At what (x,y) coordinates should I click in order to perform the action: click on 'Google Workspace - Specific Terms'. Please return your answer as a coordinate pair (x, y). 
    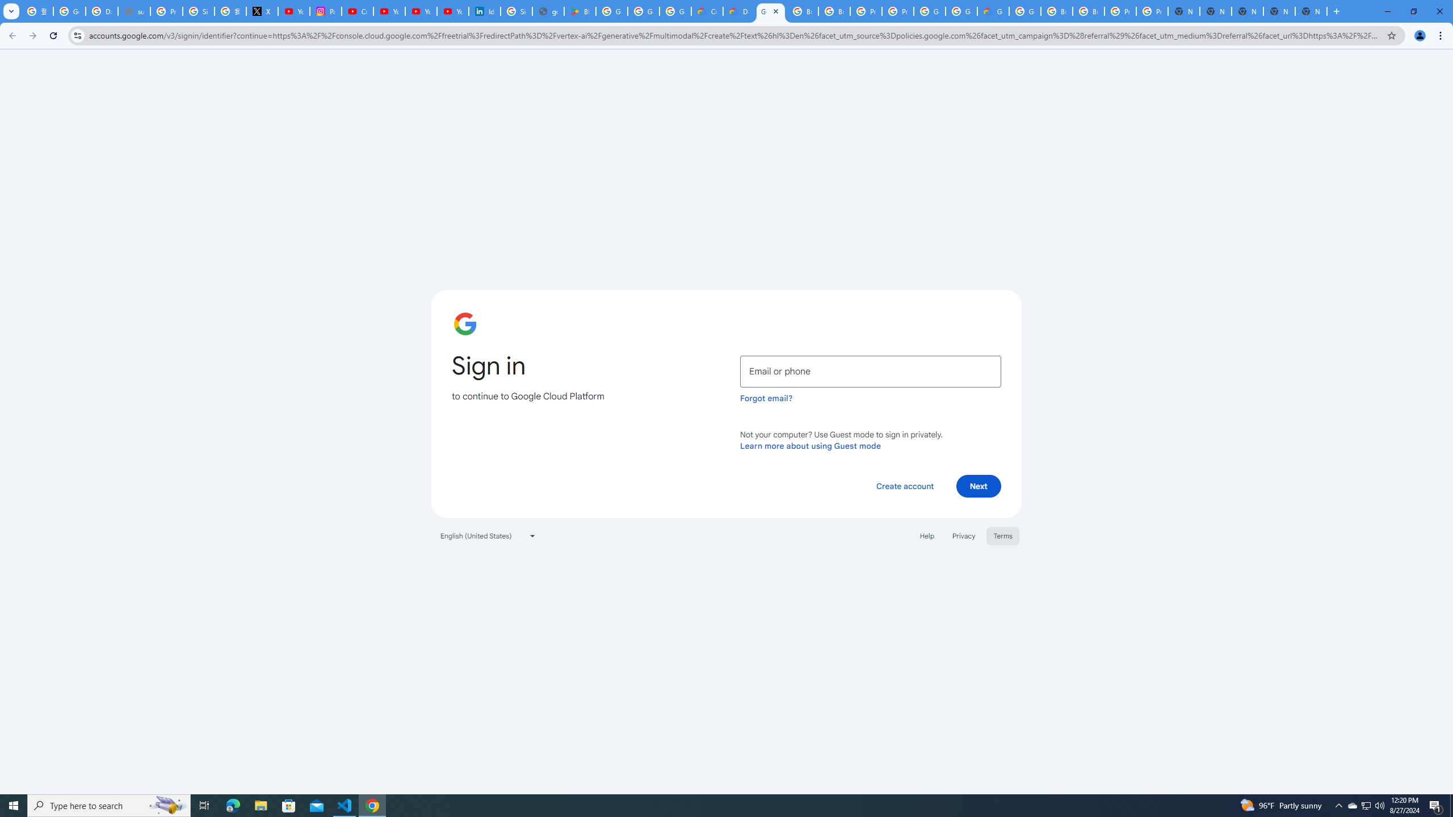
    Looking at the image, I should click on (643, 11).